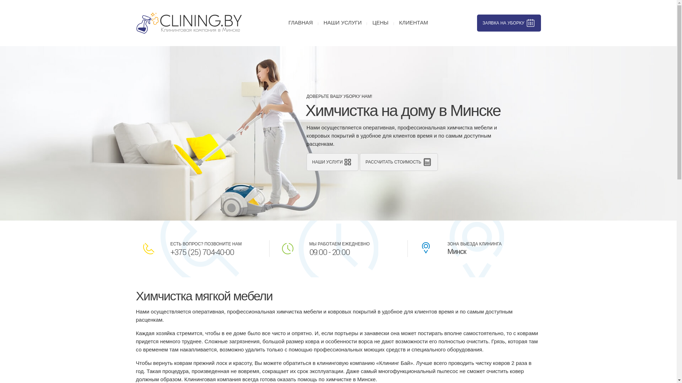  I want to click on '+375 (25) 704-40-00', so click(202, 252).